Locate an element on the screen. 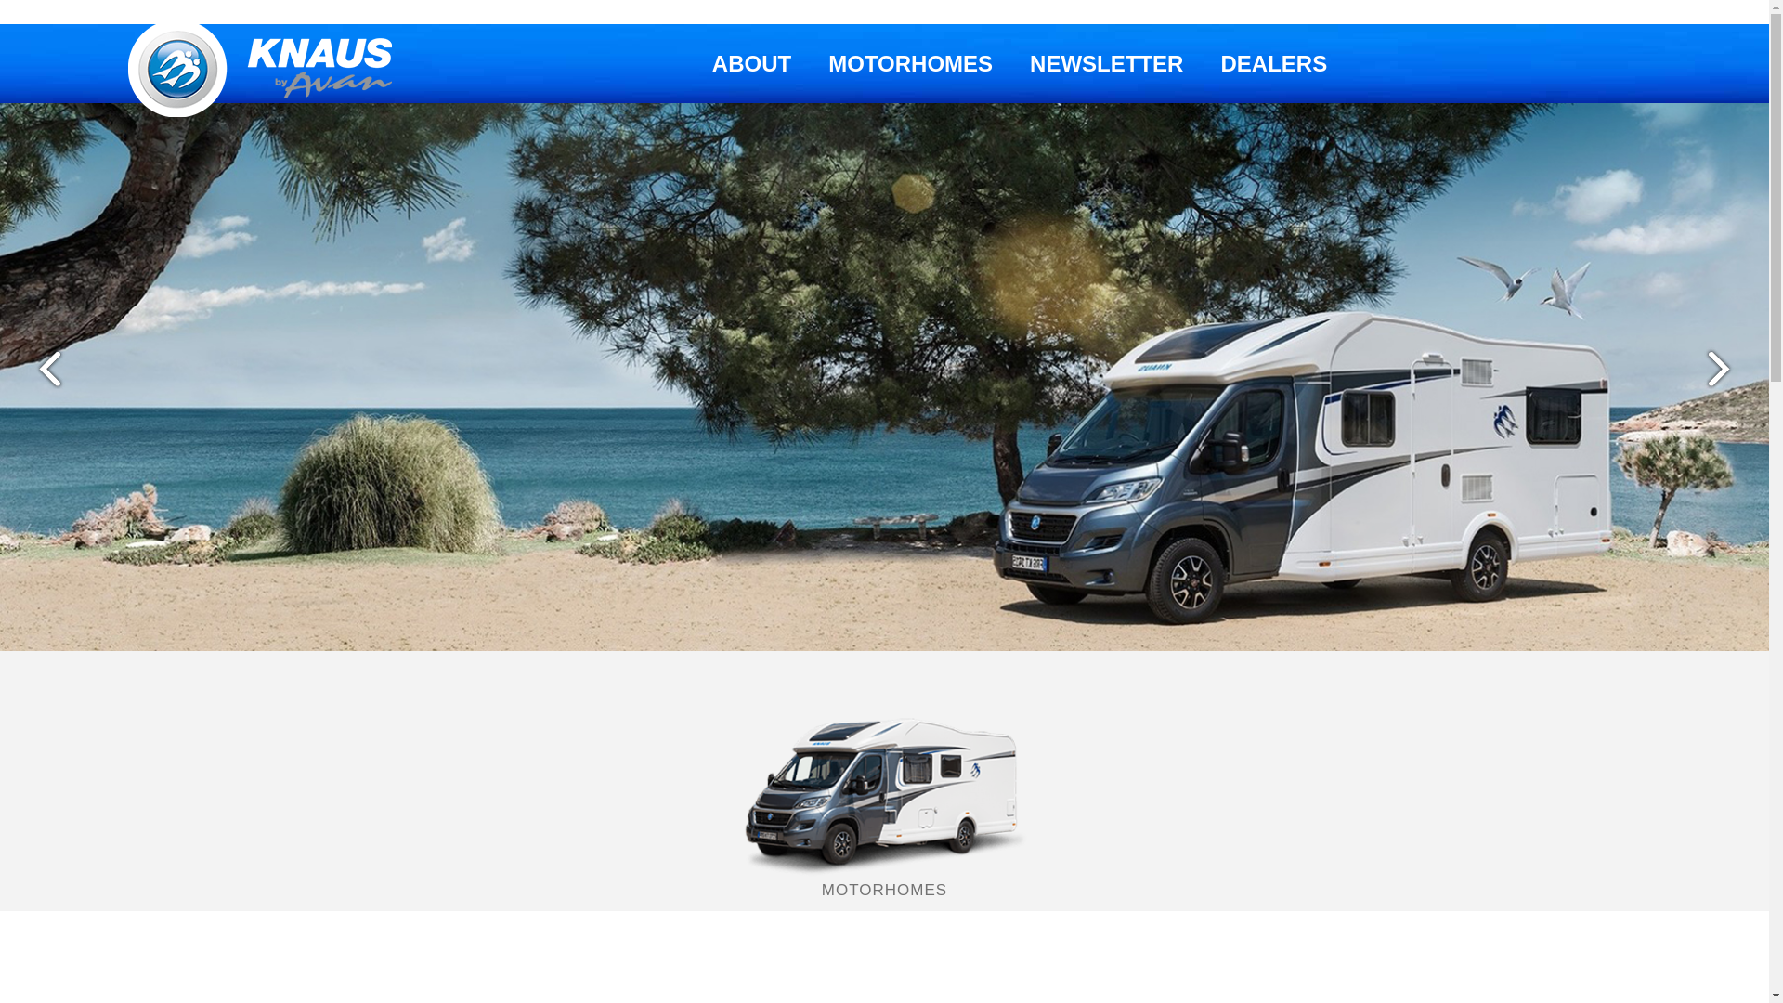 The image size is (1783, 1003). 'NEWSLETTER' is located at coordinates (1106, 62).